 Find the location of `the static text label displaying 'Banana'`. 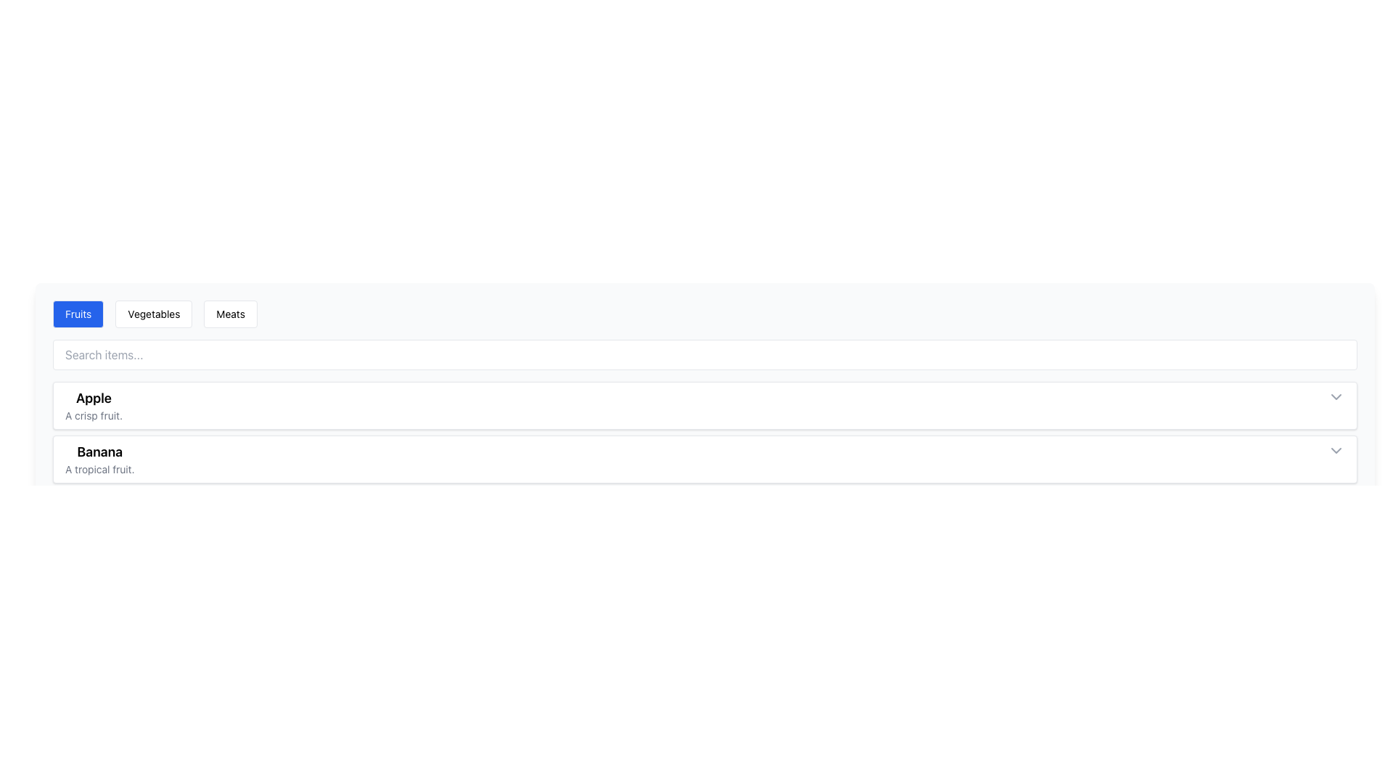

the static text label displaying 'Banana' is located at coordinates (99, 452).